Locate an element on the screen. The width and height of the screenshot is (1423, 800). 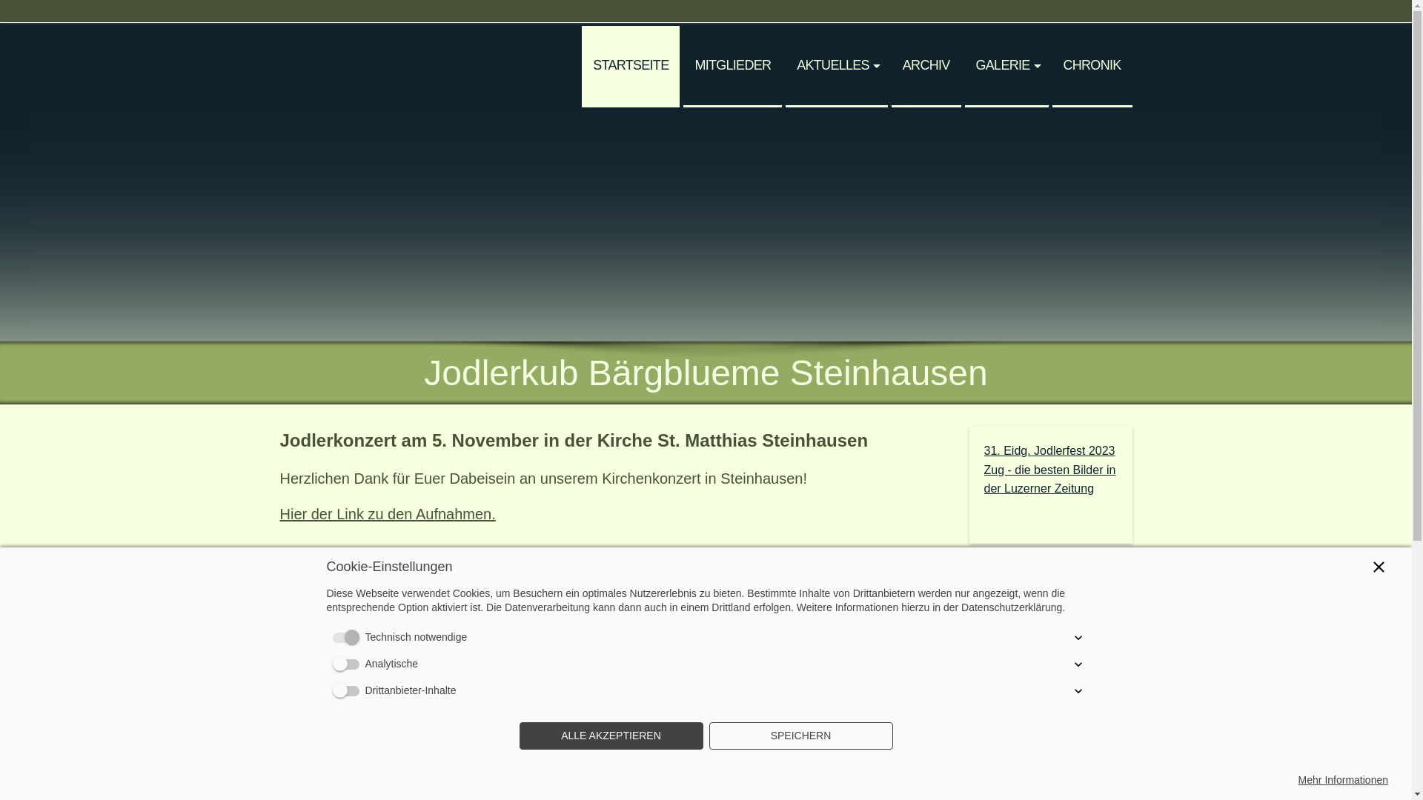
'CHRONIK' is located at coordinates (1092, 65).